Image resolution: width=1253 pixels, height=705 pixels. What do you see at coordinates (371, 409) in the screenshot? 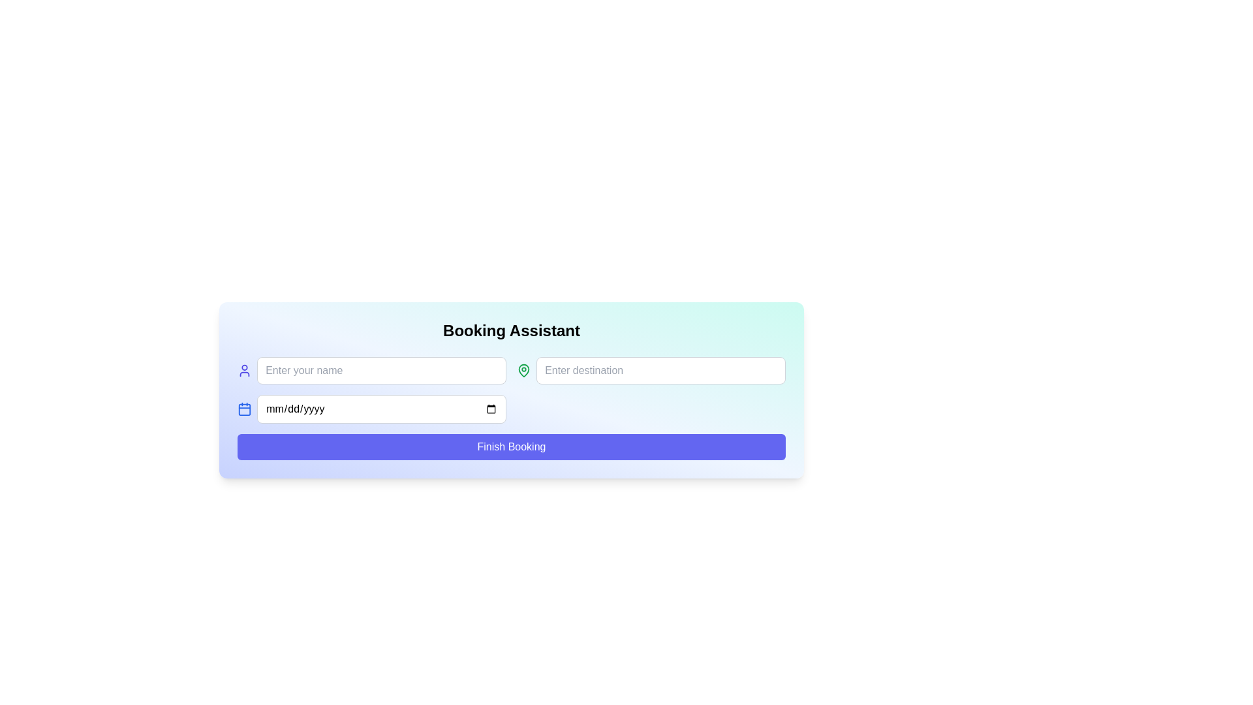
I see `the calendar icons of the Date input field, which features rounded corners and a white background, for additional interaction options` at bounding box center [371, 409].